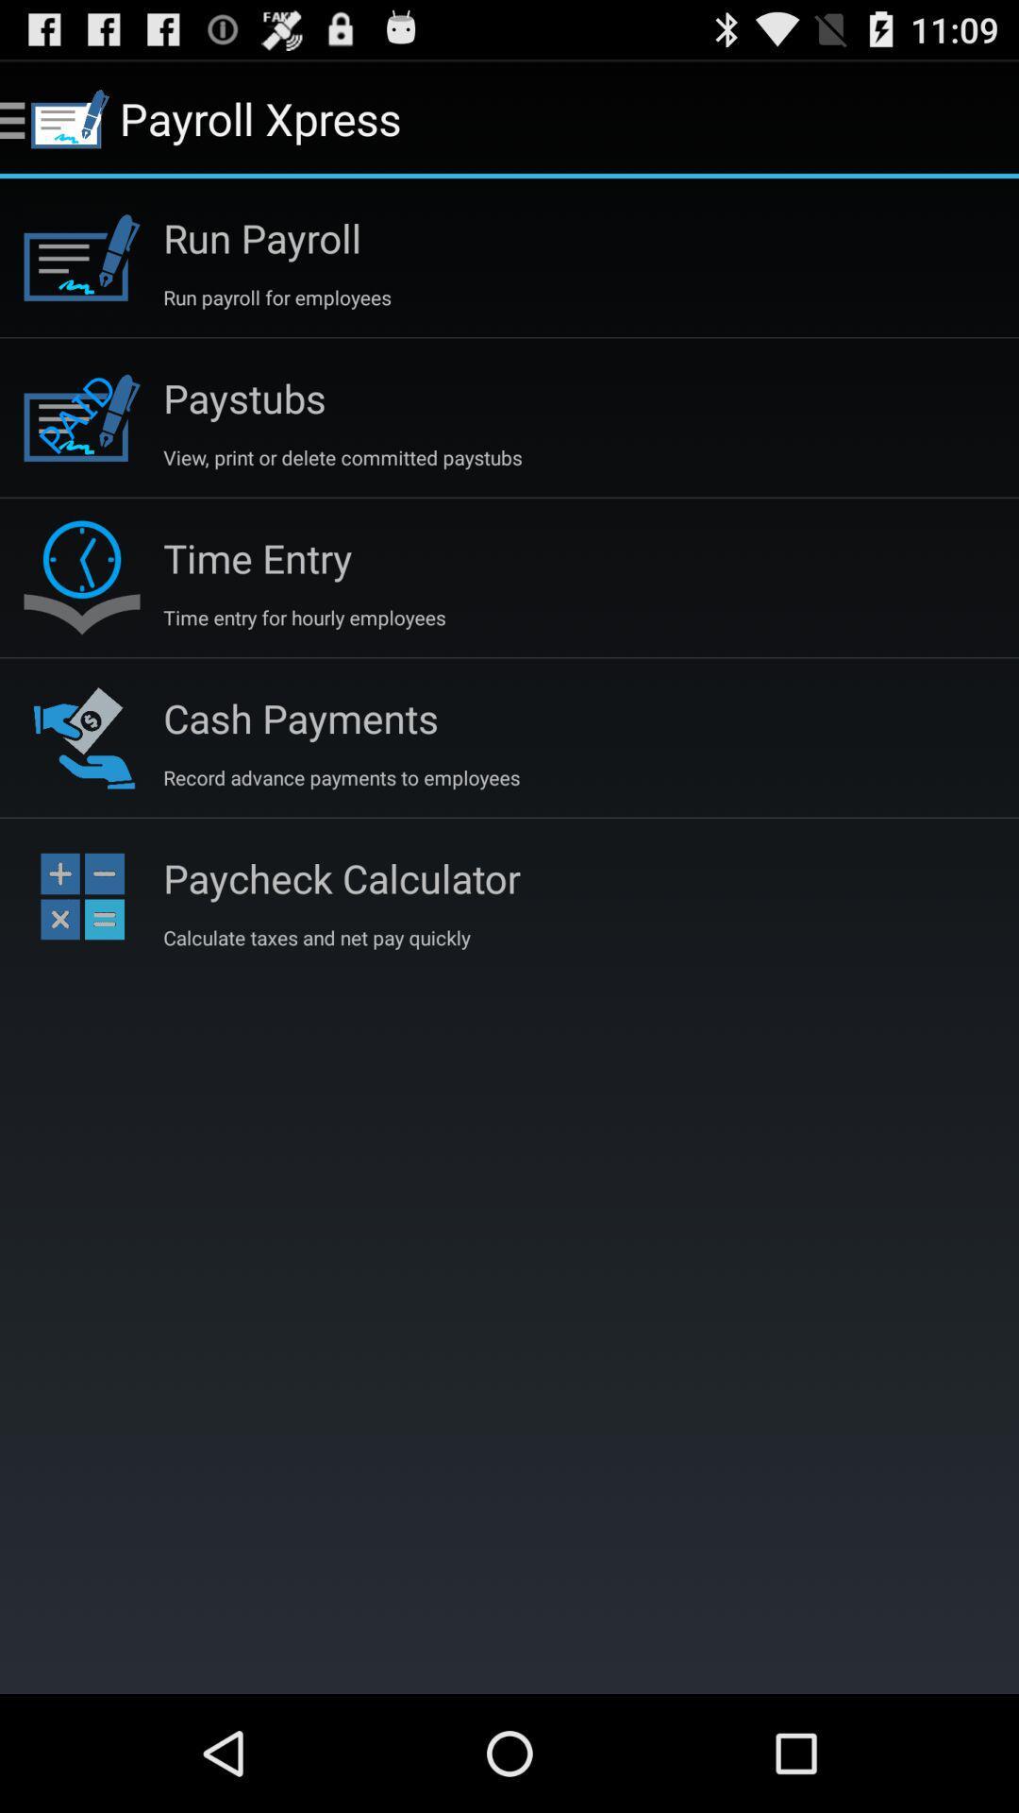 The width and height of the screenshot is (1019, 1813). What do you see at coordinates (342, 777) in the screenshot?
I see `record advance payments item` at bounding box center [342, 777].